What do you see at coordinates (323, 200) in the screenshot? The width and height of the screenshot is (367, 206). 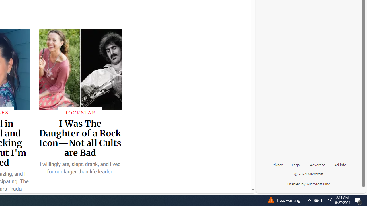 I see `'User Promoted Notification Area'` at bounding box center [323, 200].